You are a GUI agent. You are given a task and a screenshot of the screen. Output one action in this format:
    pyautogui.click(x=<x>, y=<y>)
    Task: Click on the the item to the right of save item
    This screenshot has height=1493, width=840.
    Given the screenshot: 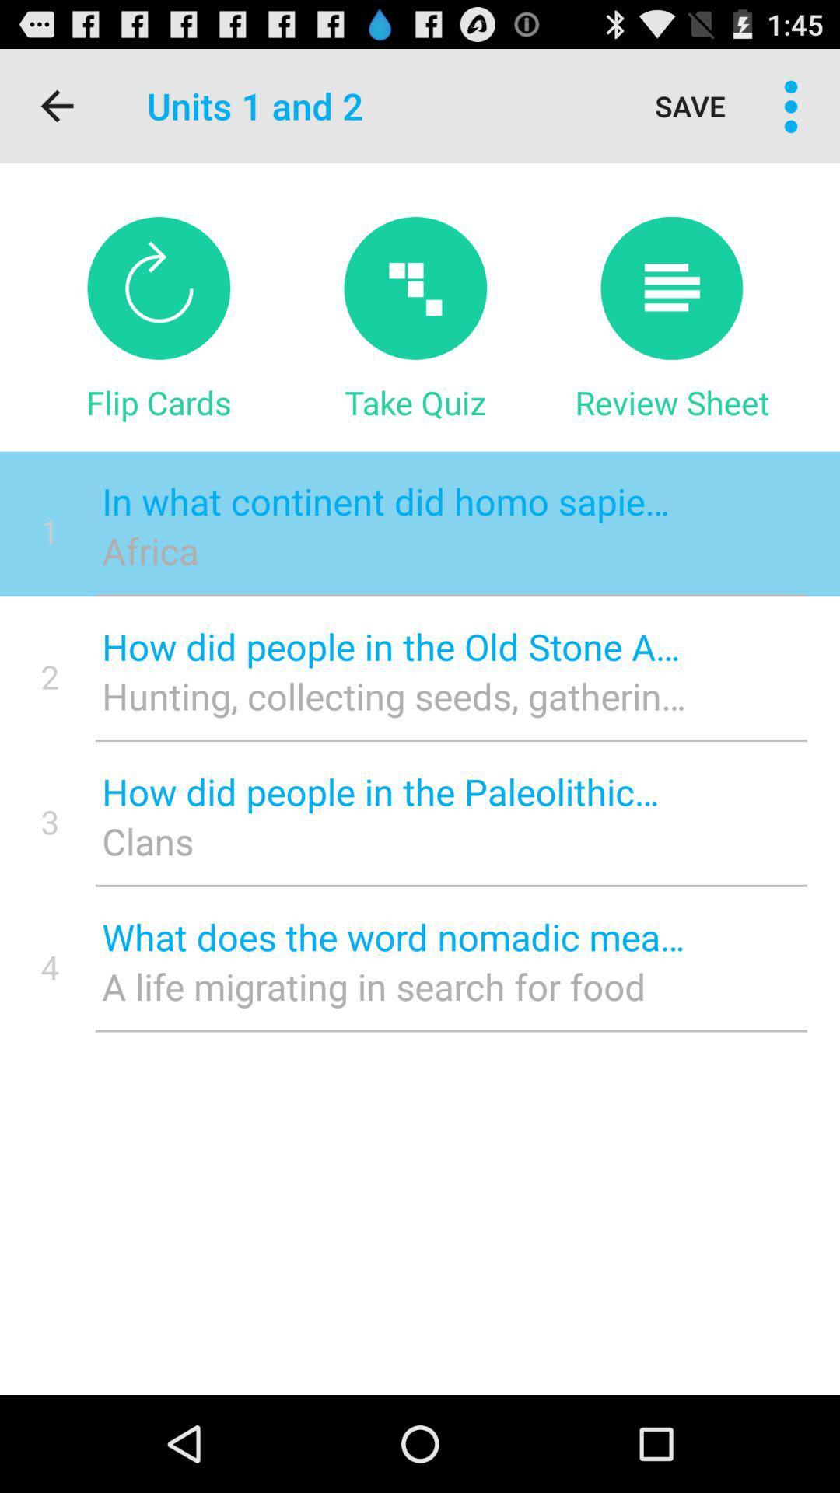 What is the action you would take?
    pyautogui.click(x=791, y=105)
    